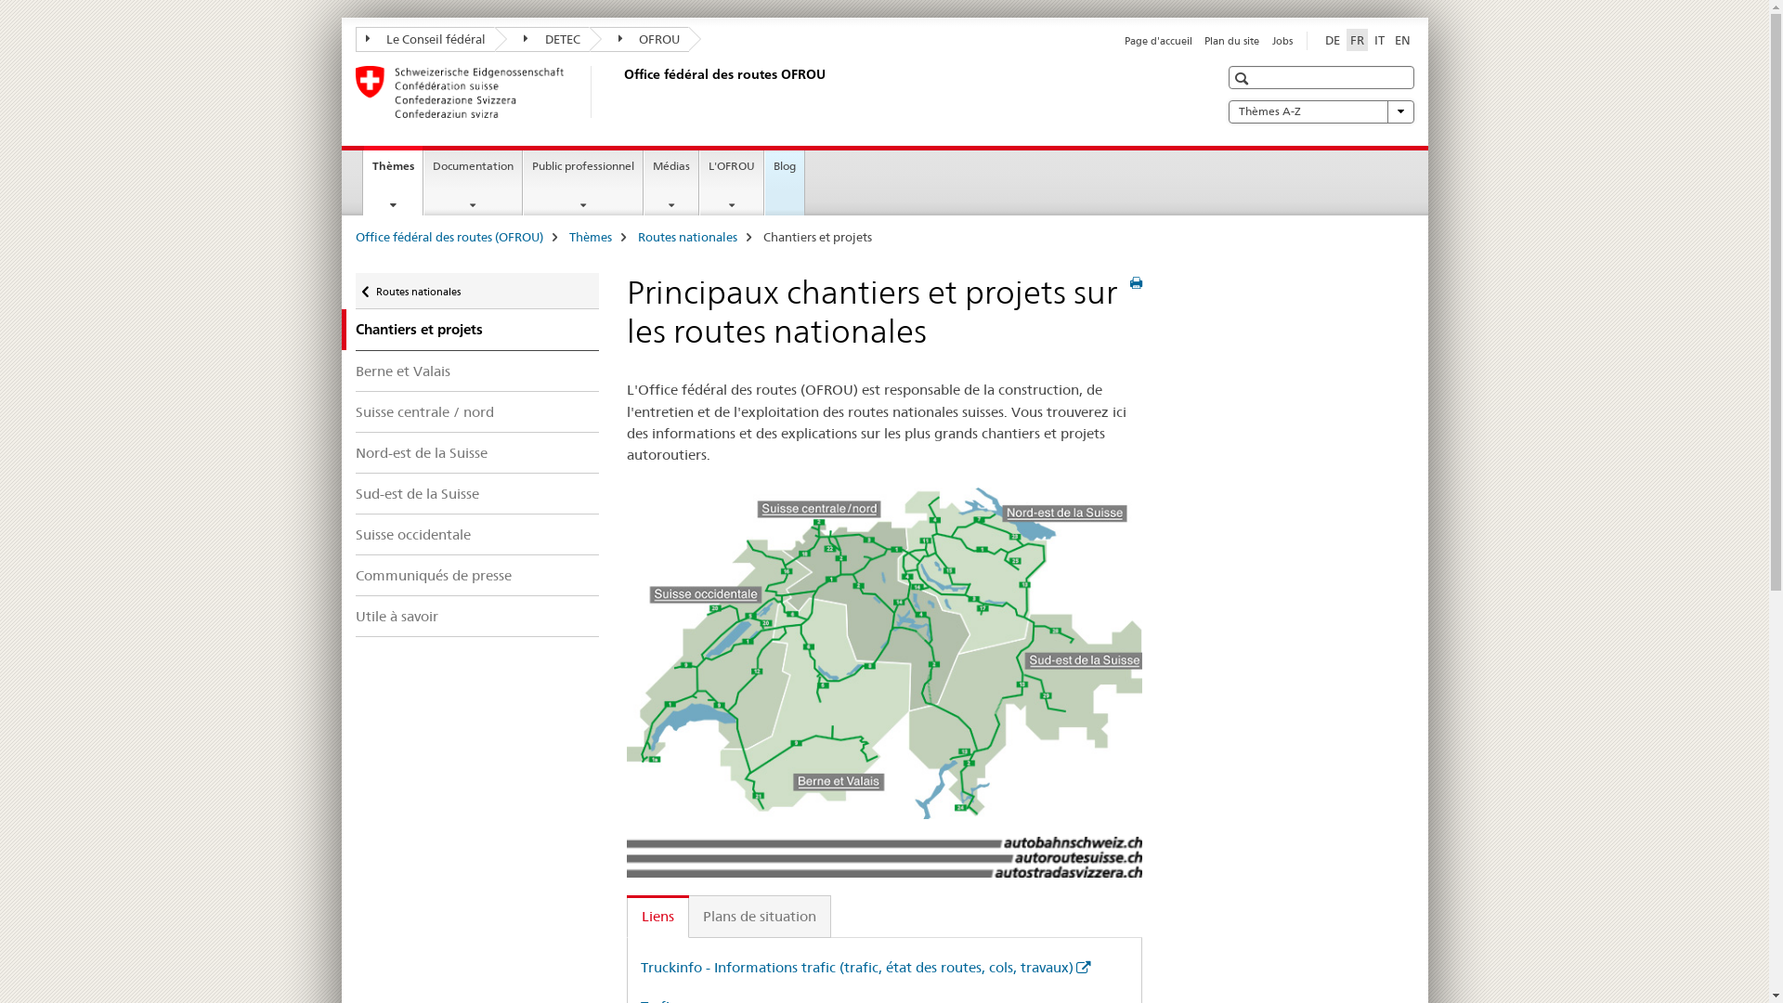 This screenshot has height=1003, width=1783. What do you see at coordinates (1135, 282) in the screenshot?
I see `'Imprimer cette page'` at bounding box center [1135, 282].